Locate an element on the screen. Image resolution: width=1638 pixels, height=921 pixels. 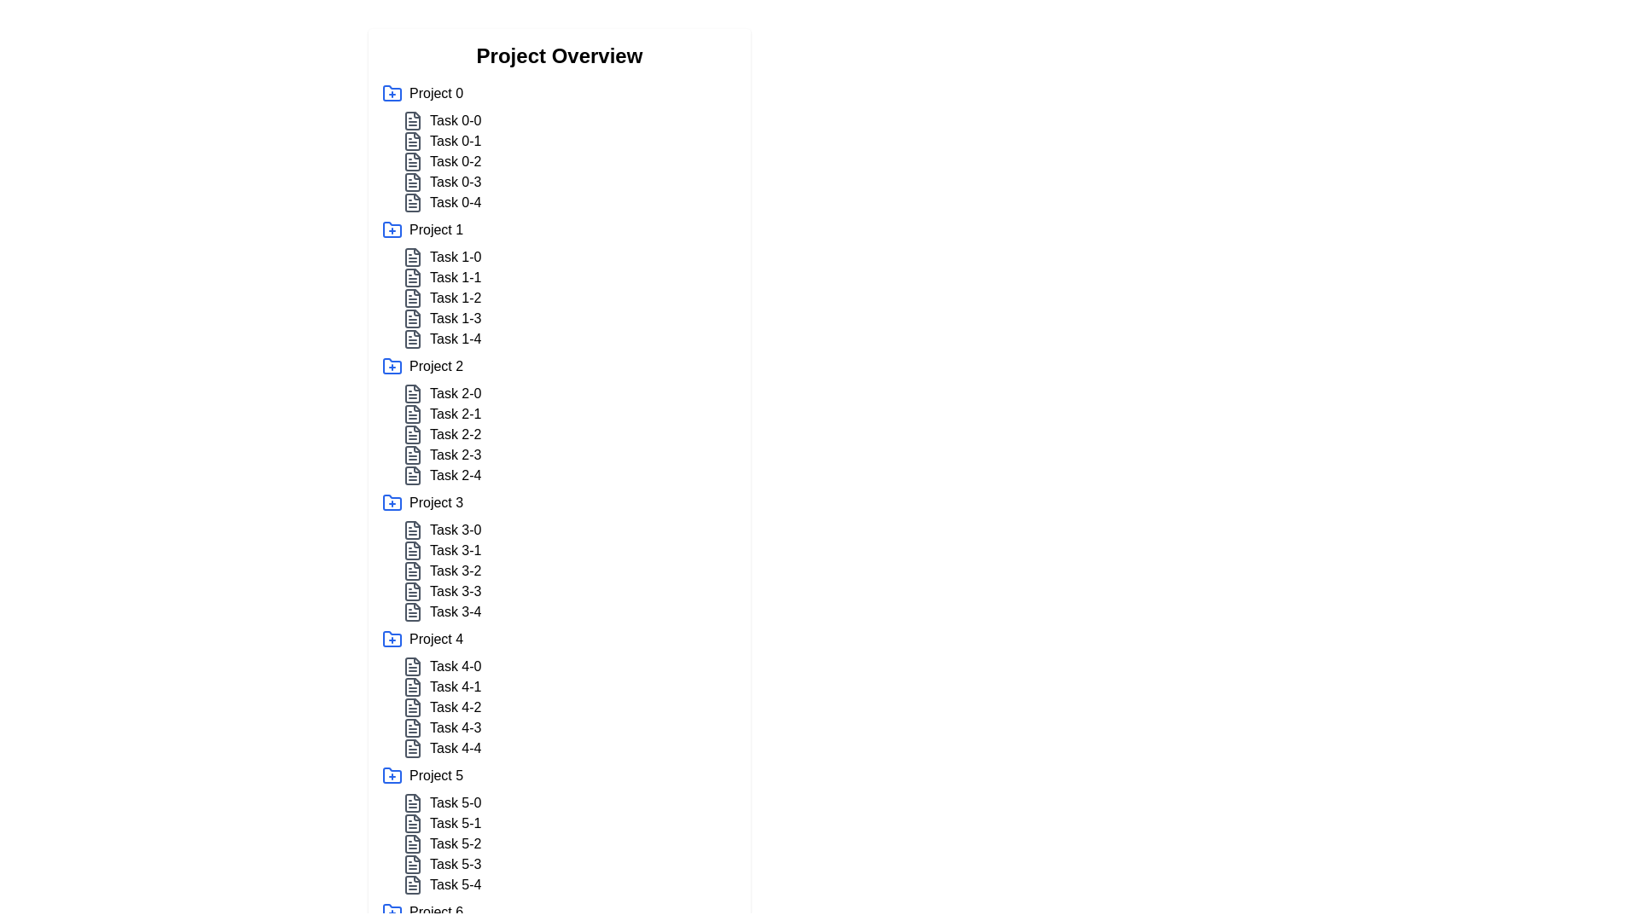
the gray document icon located to the left of the label 'Task 3-1' in the Project Overview list for visual identification is located at coordinates (413, 550).